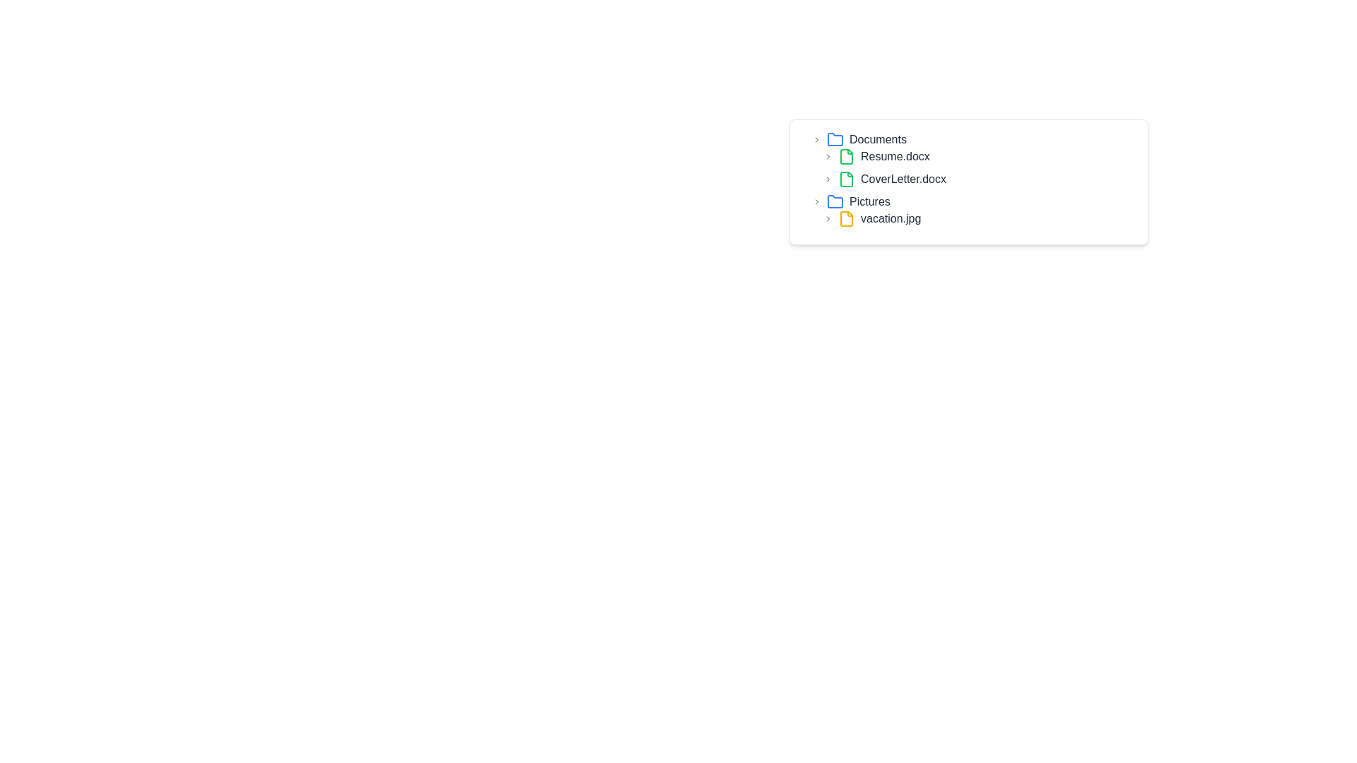 The width and height of the screenshot is (1357, 763). I want to click on the file icon represented by a green document with a folded corner, located next to the 'CoverLetter.docx' text label, so click(847, 179).